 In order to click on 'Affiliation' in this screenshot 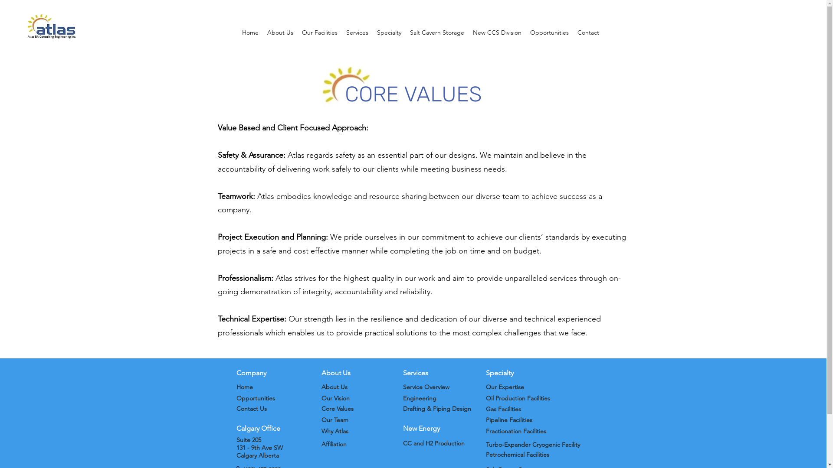, I will do `click(333, 444)`.